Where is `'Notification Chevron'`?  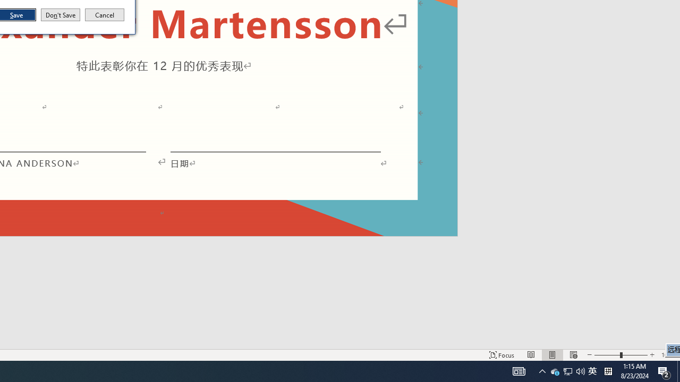
'Notification Chevron' is located at coordinates (542, 370).